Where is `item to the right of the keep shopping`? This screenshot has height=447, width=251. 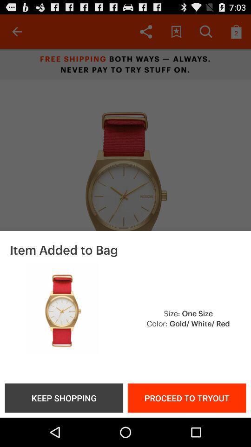 item to the right of the keep shopping is located at coordinates (187, 397).